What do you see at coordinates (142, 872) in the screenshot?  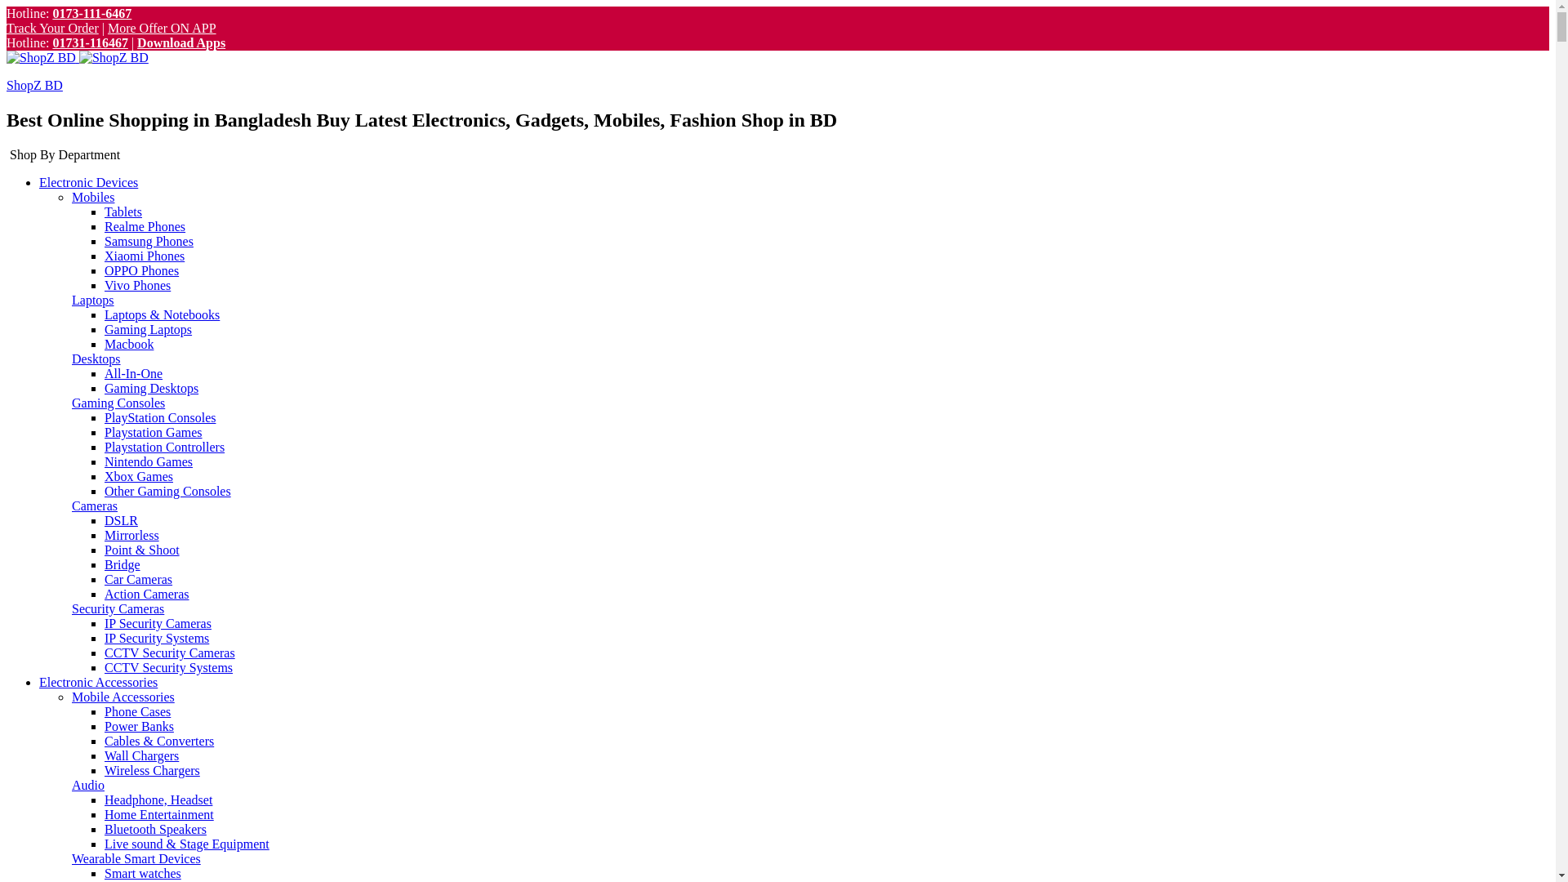 I see `'Smart watches'` at bounding box center [142, 872].